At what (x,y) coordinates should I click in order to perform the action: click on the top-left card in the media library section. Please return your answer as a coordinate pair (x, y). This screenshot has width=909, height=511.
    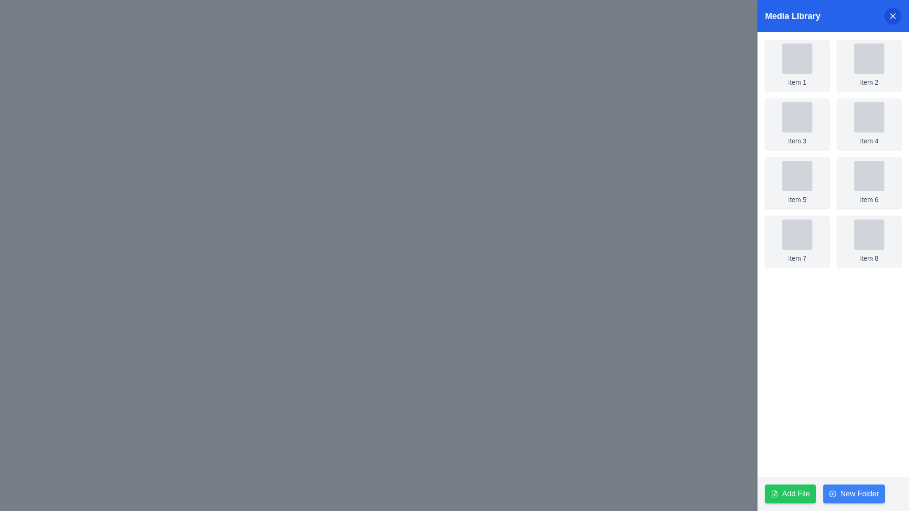
    Looking at the image, I should click on (797, 65).